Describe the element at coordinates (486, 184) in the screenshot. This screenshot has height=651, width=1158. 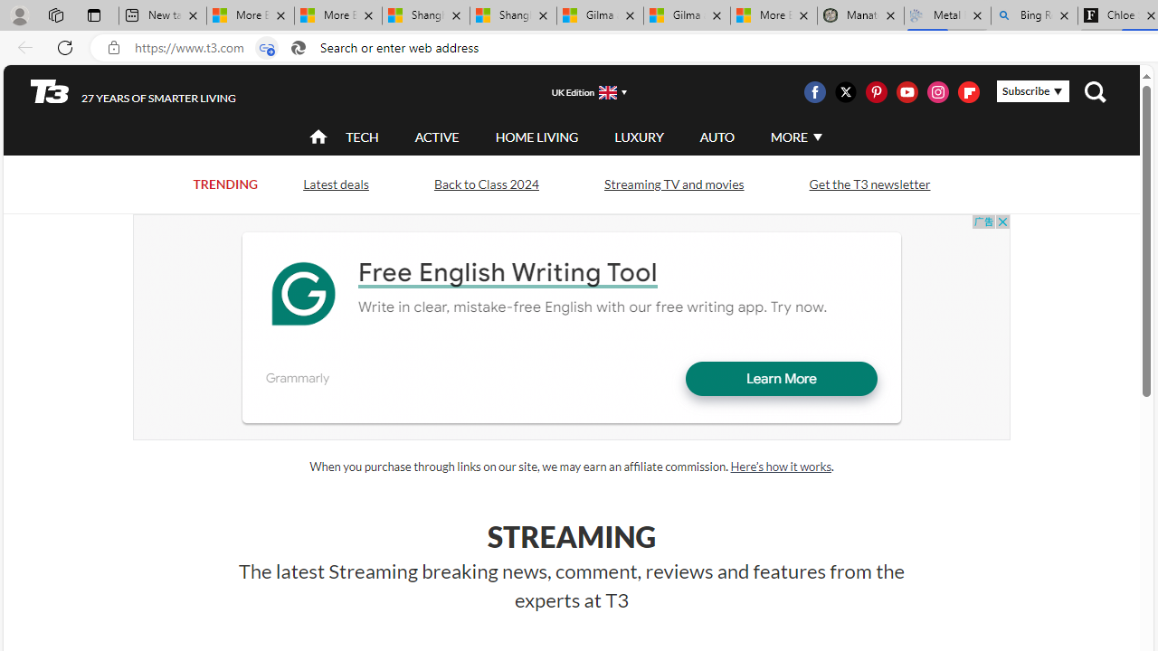
I see `'Back to Class 2024'` at that location.